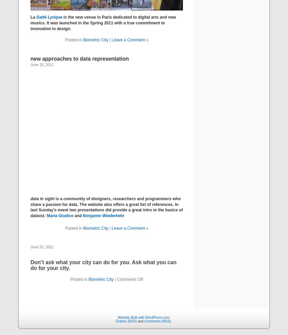  What do you see at coordinates (80, 58) in the screenshot?
I see `'new approaches to data representation'` at bounding box center [80, 58].